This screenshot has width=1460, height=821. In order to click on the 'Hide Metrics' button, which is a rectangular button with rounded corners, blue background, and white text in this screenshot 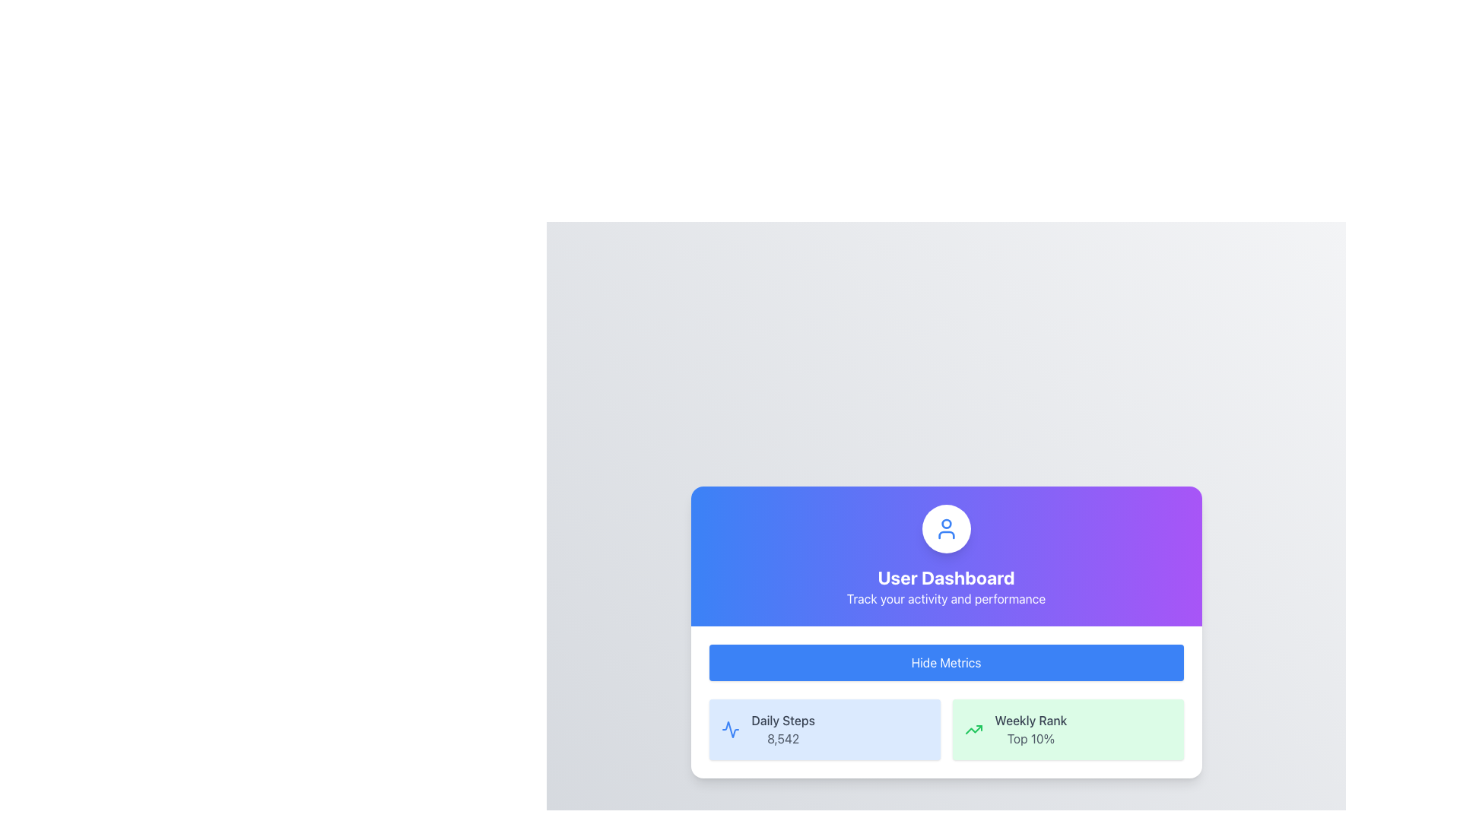, I will do `click(945, 661)`.